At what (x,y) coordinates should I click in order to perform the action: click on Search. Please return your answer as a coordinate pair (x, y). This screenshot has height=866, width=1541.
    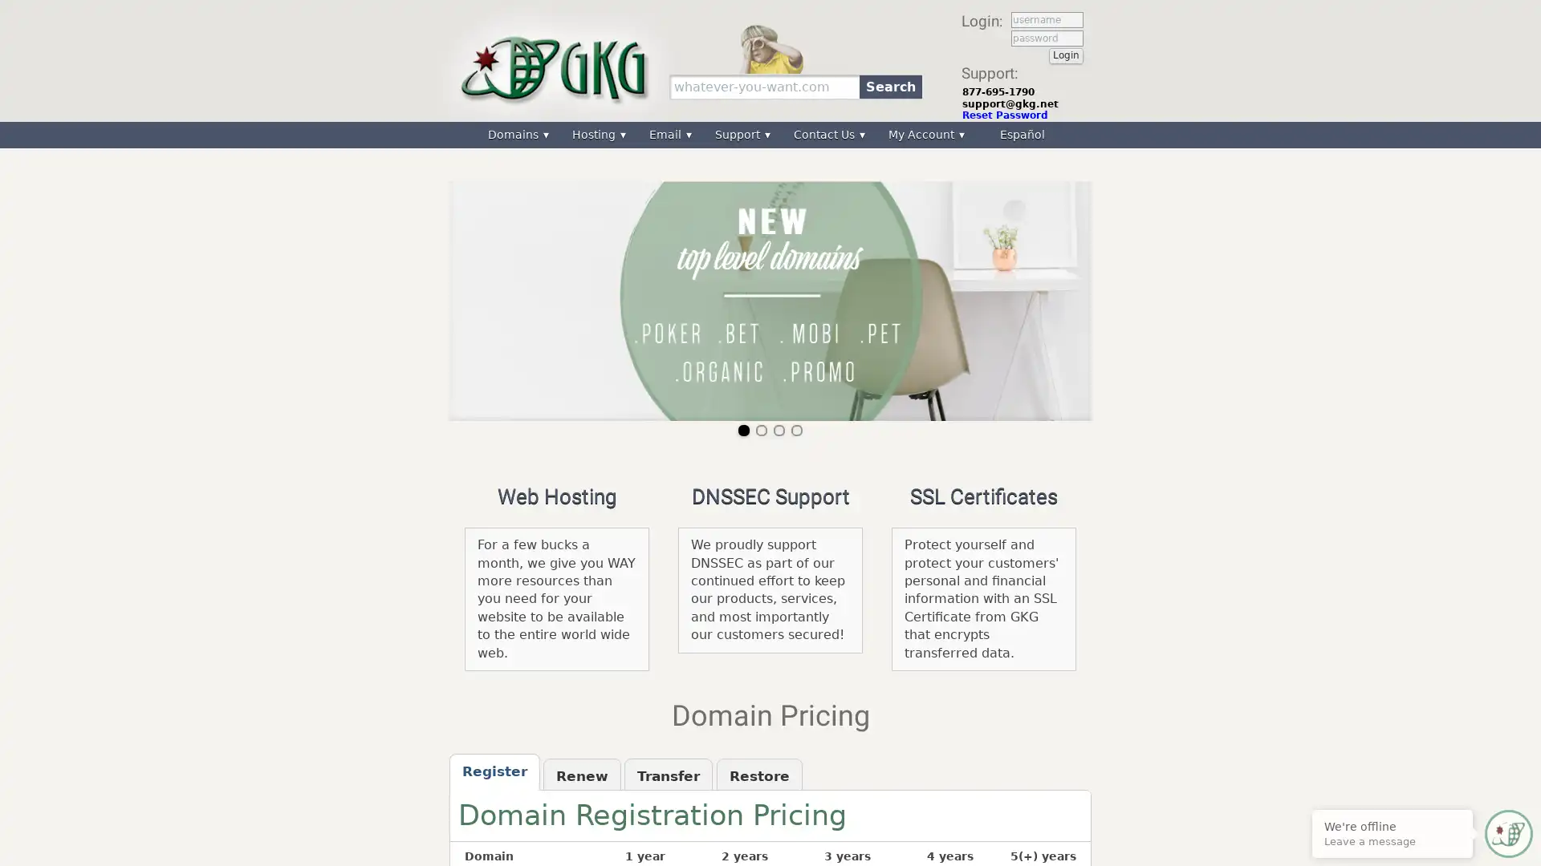
    Looking at the image, I should click on (889, 86).